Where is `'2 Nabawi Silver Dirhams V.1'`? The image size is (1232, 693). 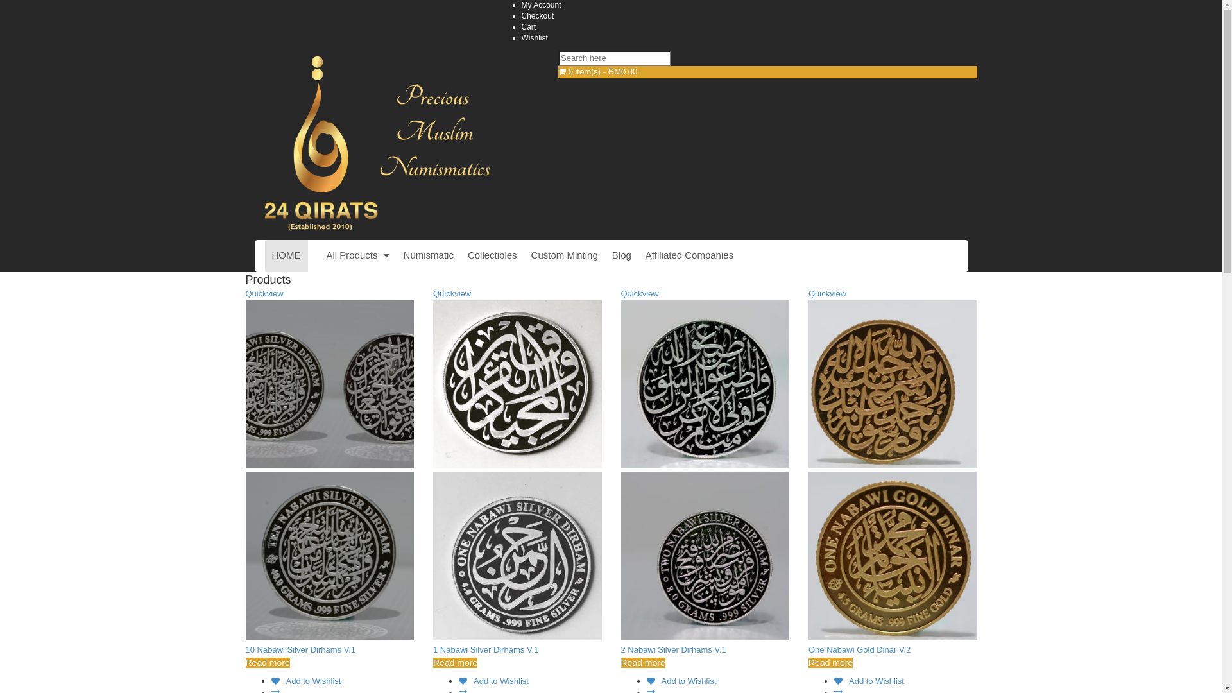
'2 Nabawi Silver Dirhams V.1' is located at coordinates (673, 649).